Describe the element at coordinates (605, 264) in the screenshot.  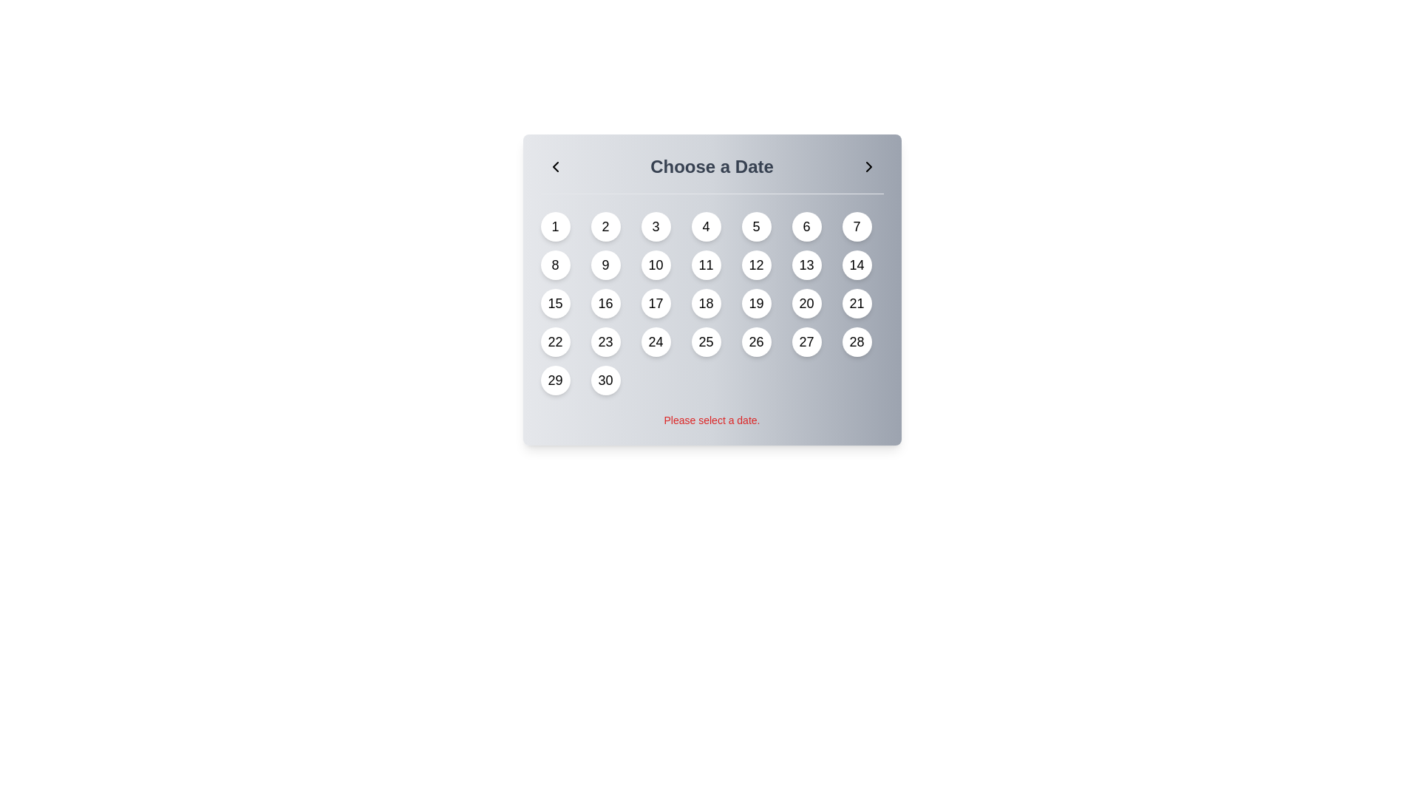
I see `the circular button labeled '9' in the second row and second column of the calendar grid` at that location.